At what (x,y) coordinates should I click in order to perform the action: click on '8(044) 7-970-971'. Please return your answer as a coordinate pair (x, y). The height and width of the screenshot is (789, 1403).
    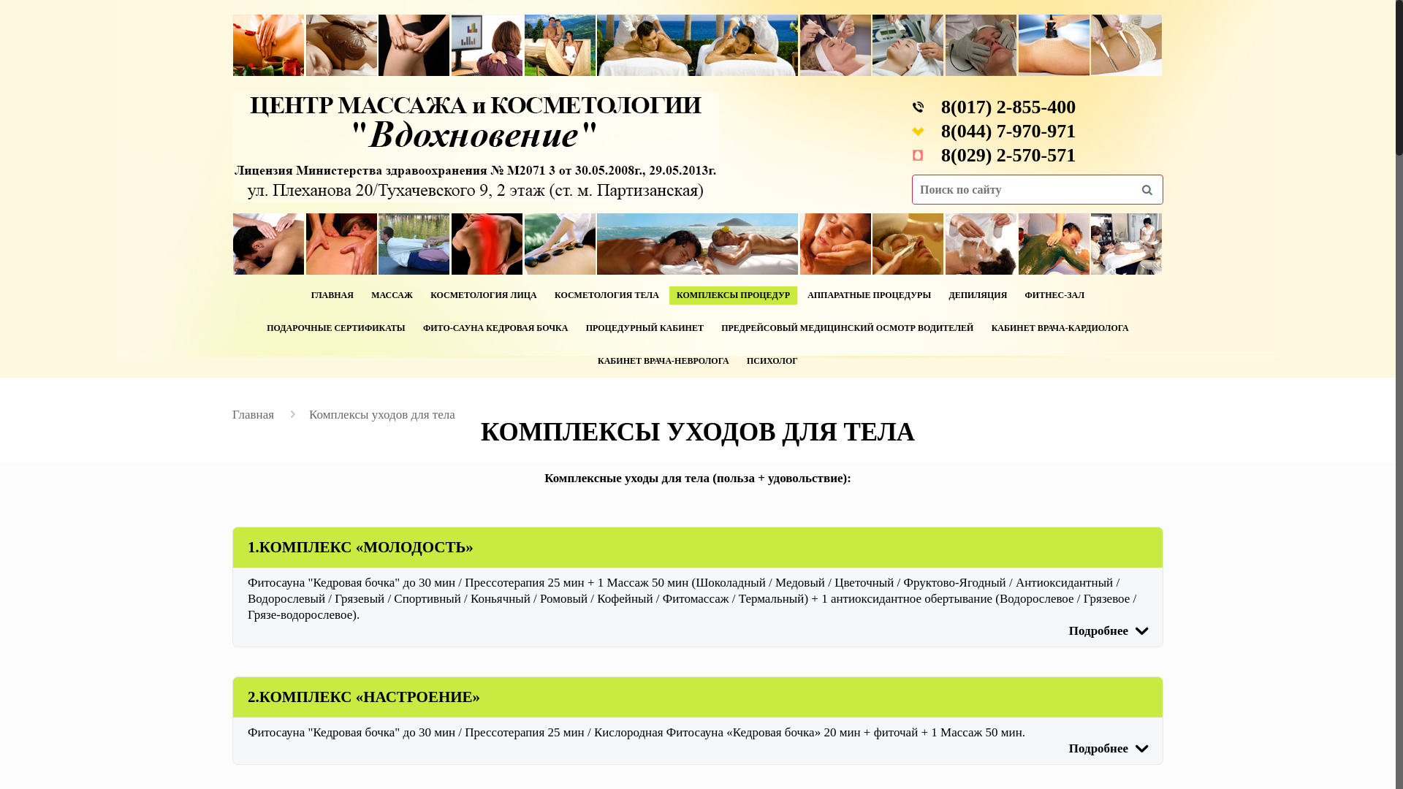
    Looking at the image, I should click on (1008, 130).